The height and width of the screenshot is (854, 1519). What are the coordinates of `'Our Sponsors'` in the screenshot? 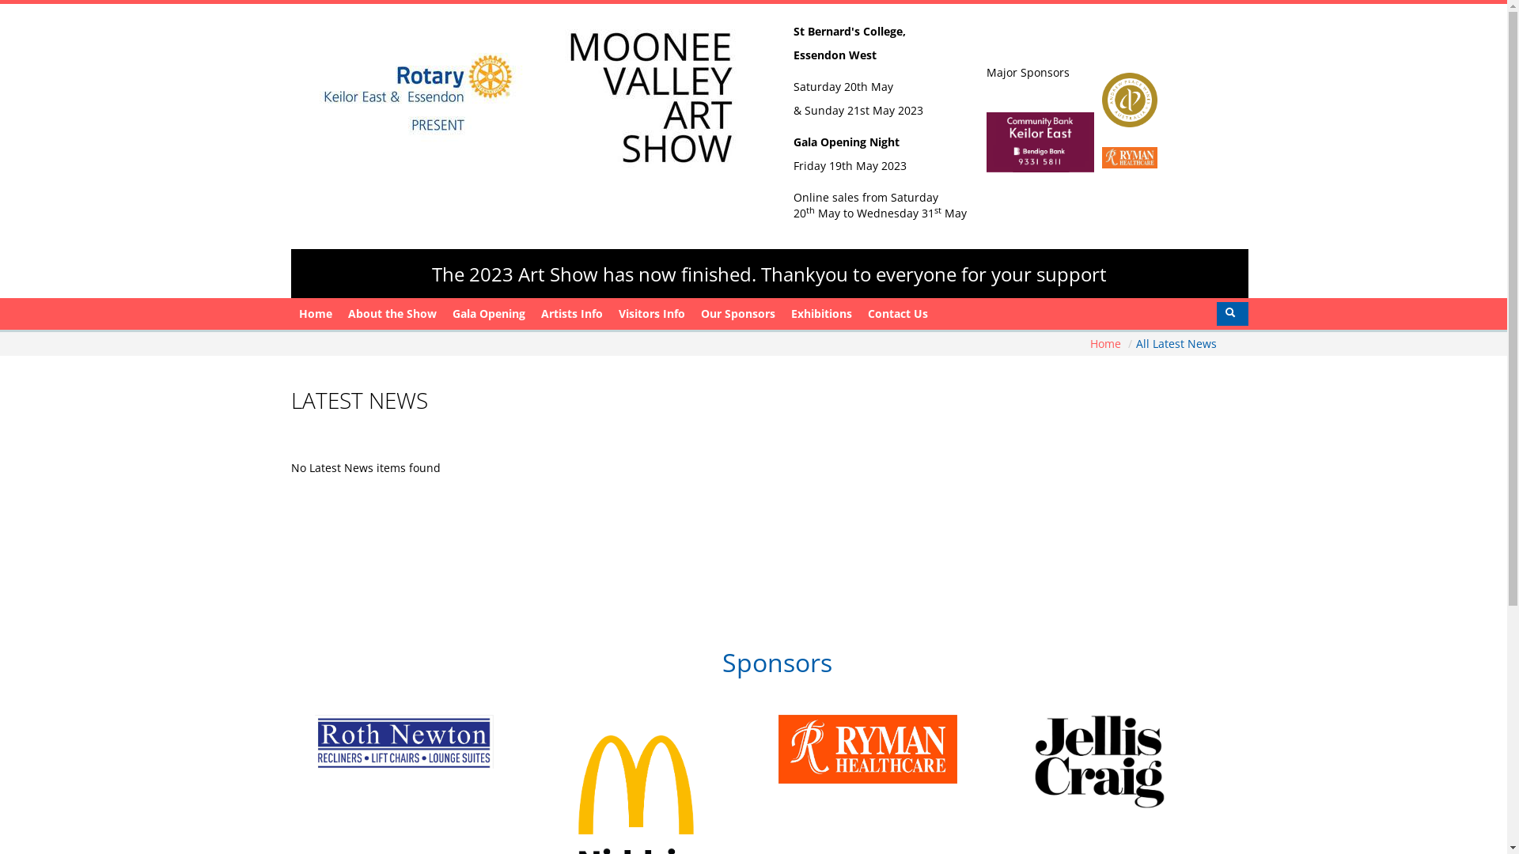 It's located at (737, 314).